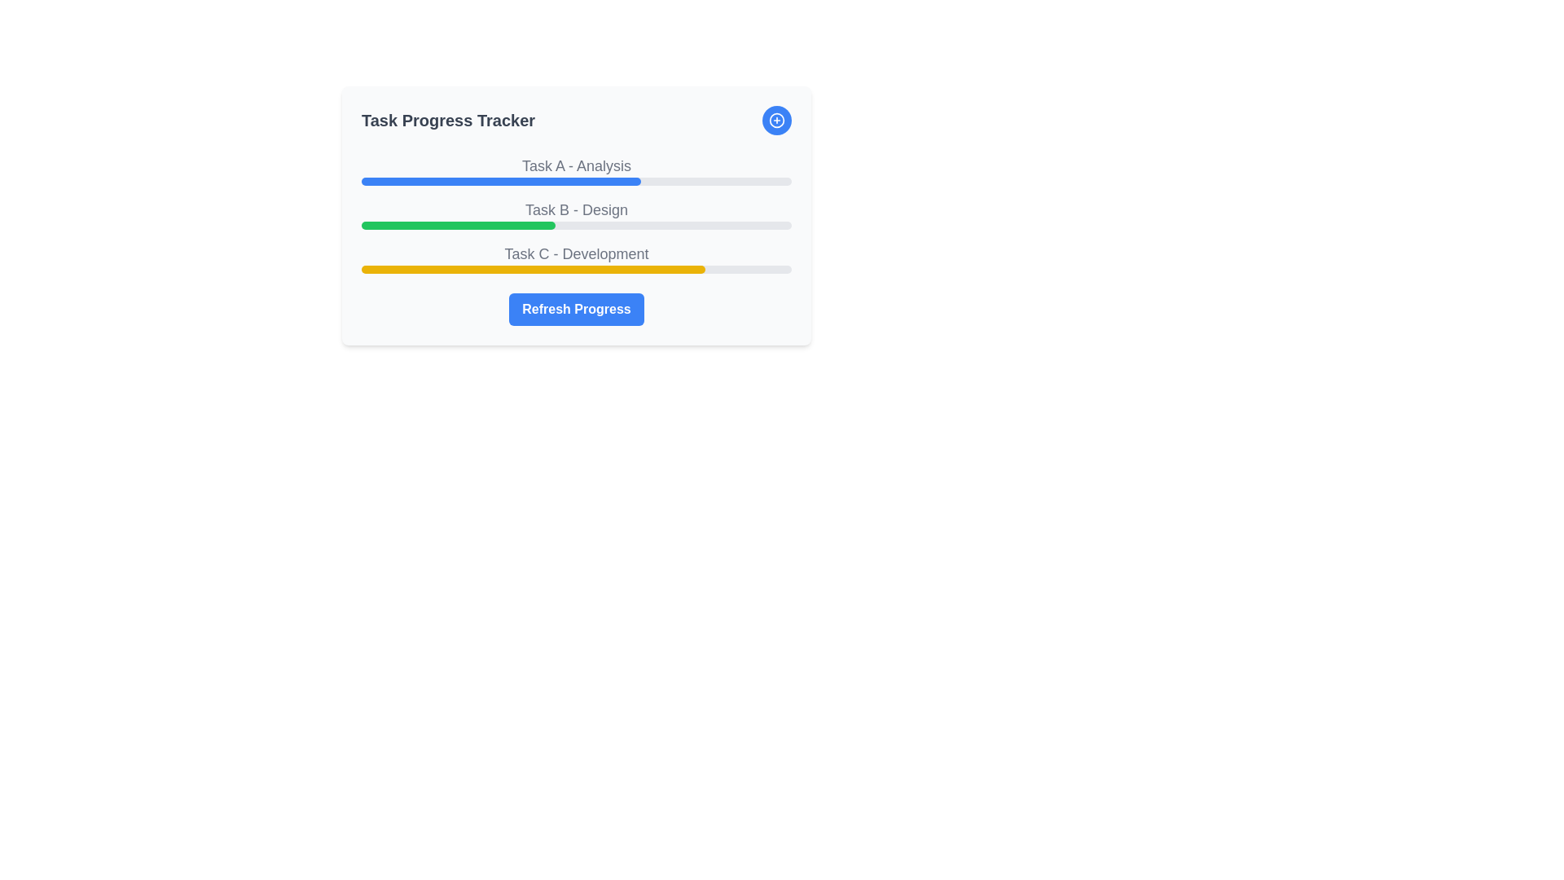  What do you see at coordinates (577, 182) in the screenshot?
I see `the progress bar that is a horizontal rectangular bar with a light gray background and a blue filled portion covering 65% of its length, located below the text 'Task A - Analysis.'` at bounding box center [577, 182].